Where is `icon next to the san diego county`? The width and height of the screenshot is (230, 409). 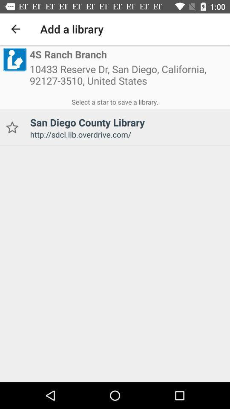
icon next to the san diego county is located at coordinates (11, 127).